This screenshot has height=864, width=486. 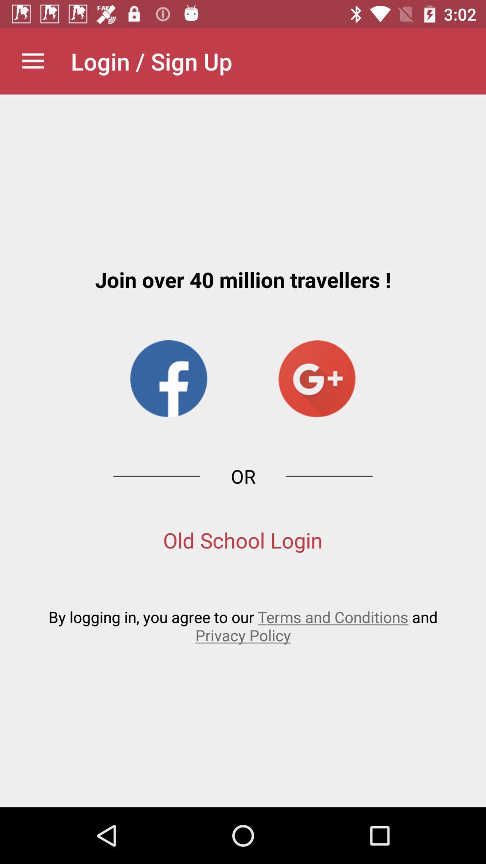 I want to click on use facebook, so click(x=168, y=378).